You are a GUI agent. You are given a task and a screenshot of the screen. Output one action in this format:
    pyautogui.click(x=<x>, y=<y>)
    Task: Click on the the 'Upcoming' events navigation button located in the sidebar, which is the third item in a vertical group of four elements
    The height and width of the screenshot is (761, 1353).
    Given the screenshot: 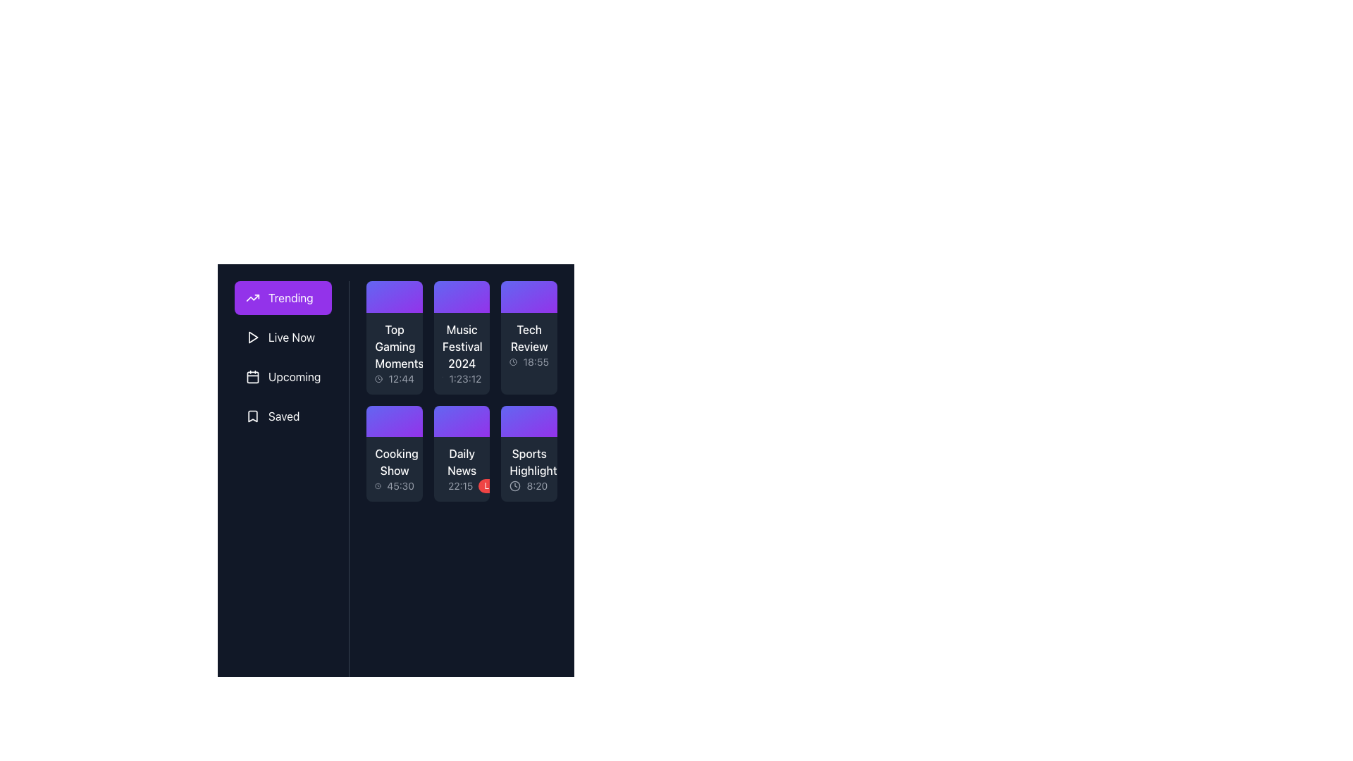 What is the action you would take?
    pyautogui.click(x=283, y=376)
    